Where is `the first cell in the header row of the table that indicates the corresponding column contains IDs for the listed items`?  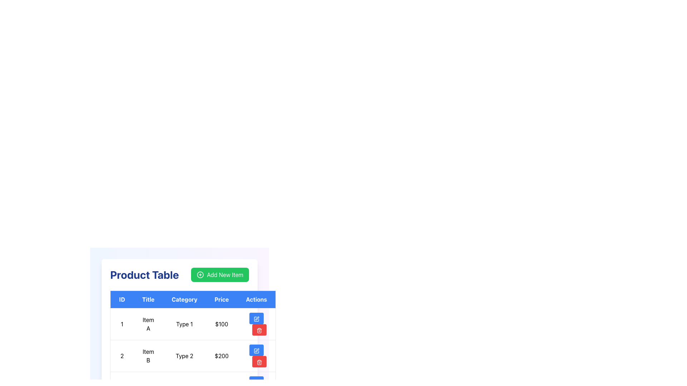
the first cell in the header row of the table that indicates the corresponding column contains IDs for the listed items is located at coordinates (122, 299).